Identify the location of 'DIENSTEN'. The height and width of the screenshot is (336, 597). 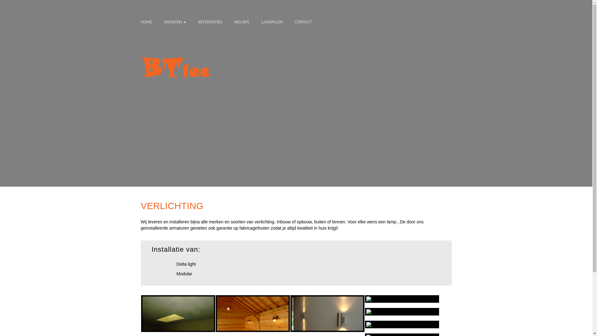
(174, 21).